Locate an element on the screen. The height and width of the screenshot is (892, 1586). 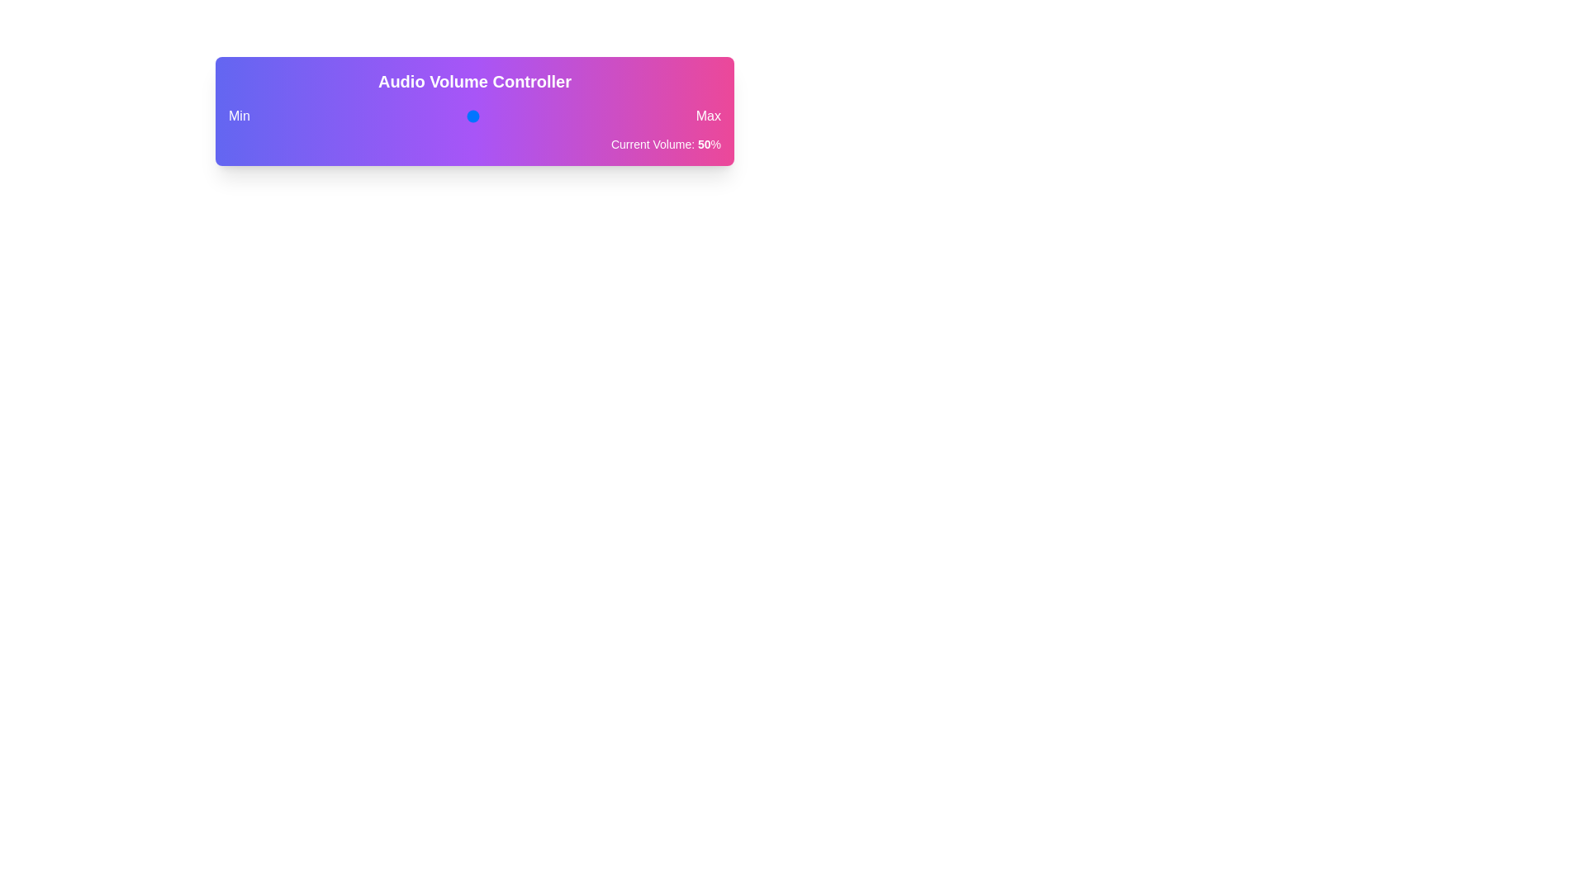
the volume slider to 27% is located at coordinates (376, 116).